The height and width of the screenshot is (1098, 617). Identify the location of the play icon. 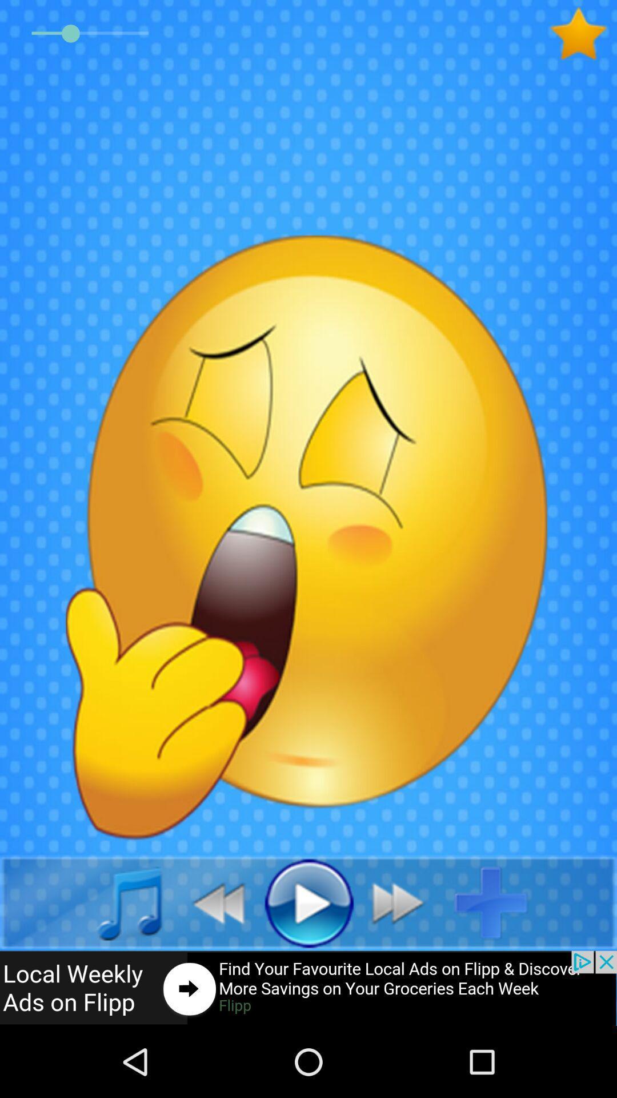
(308, 902).